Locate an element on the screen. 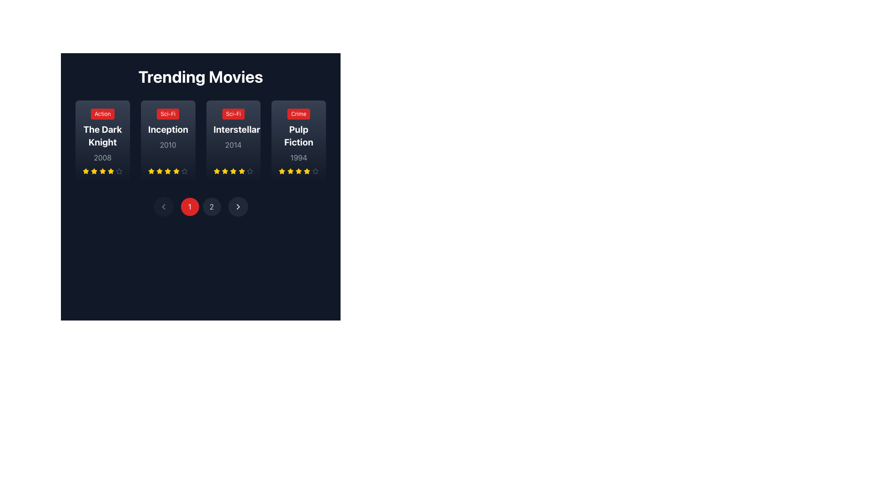  the text label indicating the release year of the movie 'Inception', located at the bottom of the movie card under the title text is located at coordinates (168, 145).